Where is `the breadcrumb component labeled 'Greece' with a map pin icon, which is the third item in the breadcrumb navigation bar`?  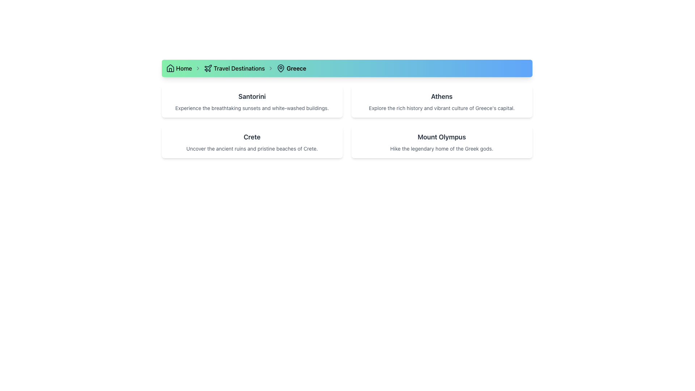 the breadcrumb component labeled 'Greece' with a map pin icon, which is the third item in the breadcrumb navigation bar is located at coordinates (291, 68).